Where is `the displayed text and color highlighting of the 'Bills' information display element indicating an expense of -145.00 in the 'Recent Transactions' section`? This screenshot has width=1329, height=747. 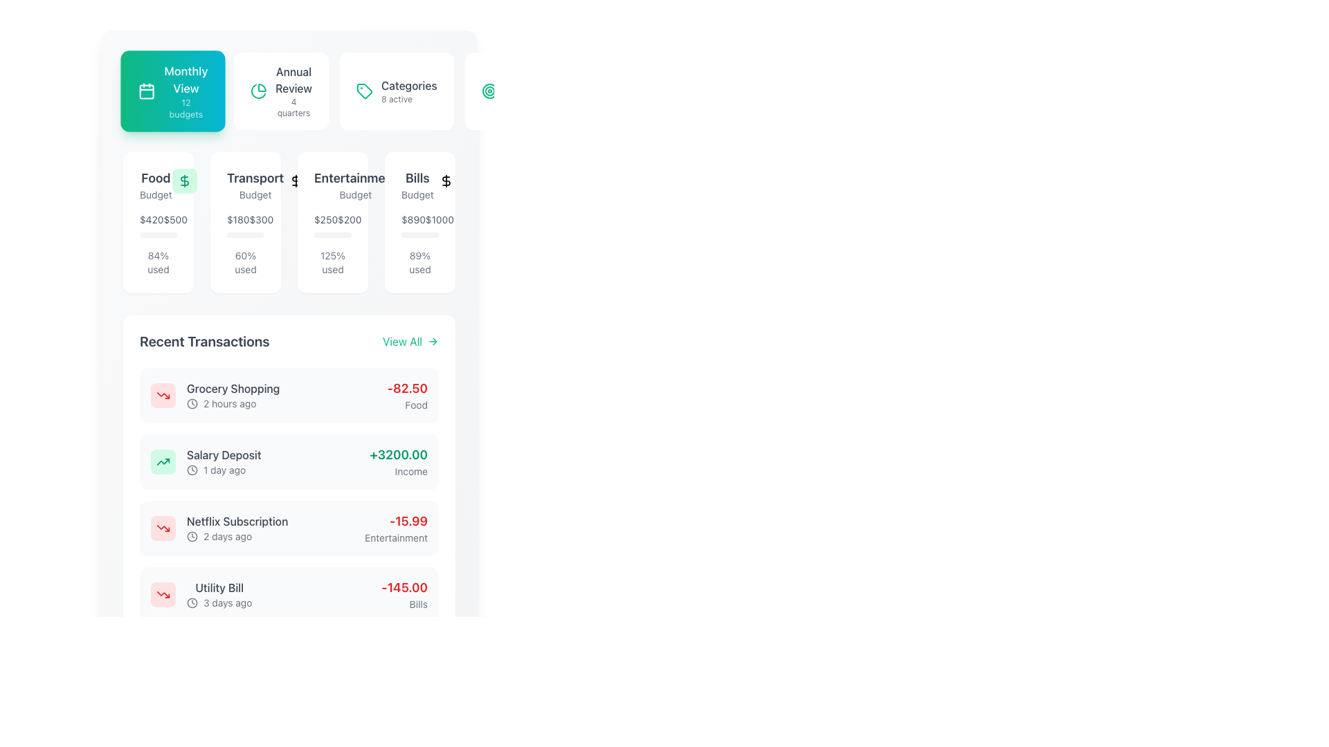
the displayed text and color highlighting of the 'Bills' information display element indicating an expense of -145.00 in the 'Recent Transactions' section is located at coordinates (404, 594).